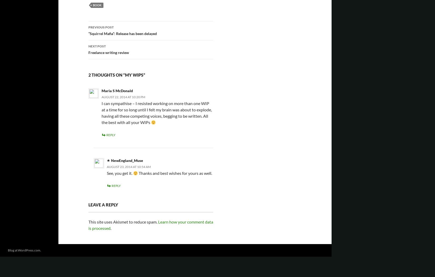 The height and width of the screenshot is (277, 435). I want to click on 'This site uses Akismet to reduce spam.', so click(123, 221).